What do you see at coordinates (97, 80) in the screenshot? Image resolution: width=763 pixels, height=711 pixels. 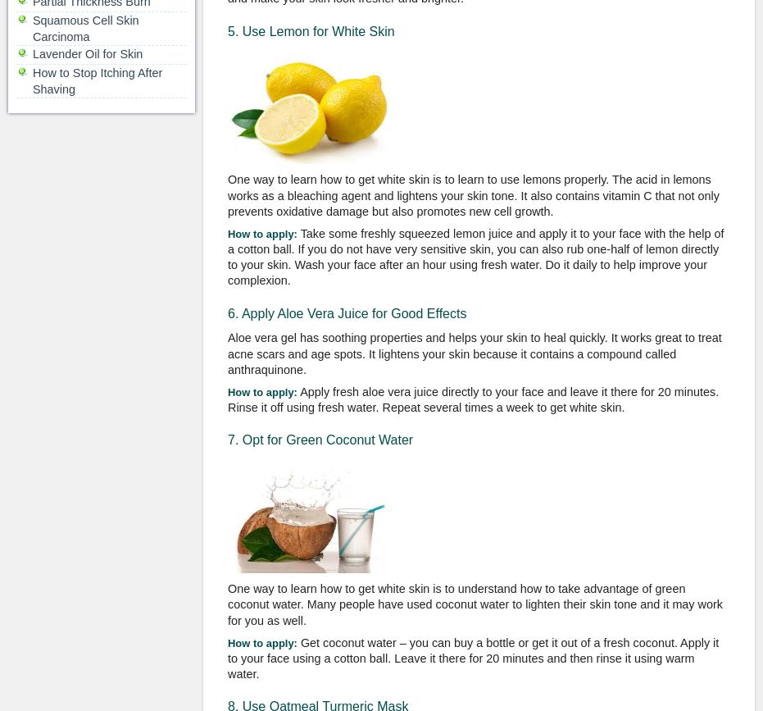 I see `'How to Stop Itching After Shaving'` at bounding box center [97, 80].